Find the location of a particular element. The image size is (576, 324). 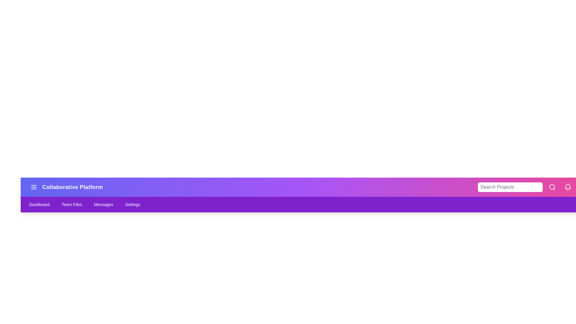

the search icon button located on the top-right section of the header bar, immediately to the right of the 'Search Projects' input field is located at coordinates (552, 187).